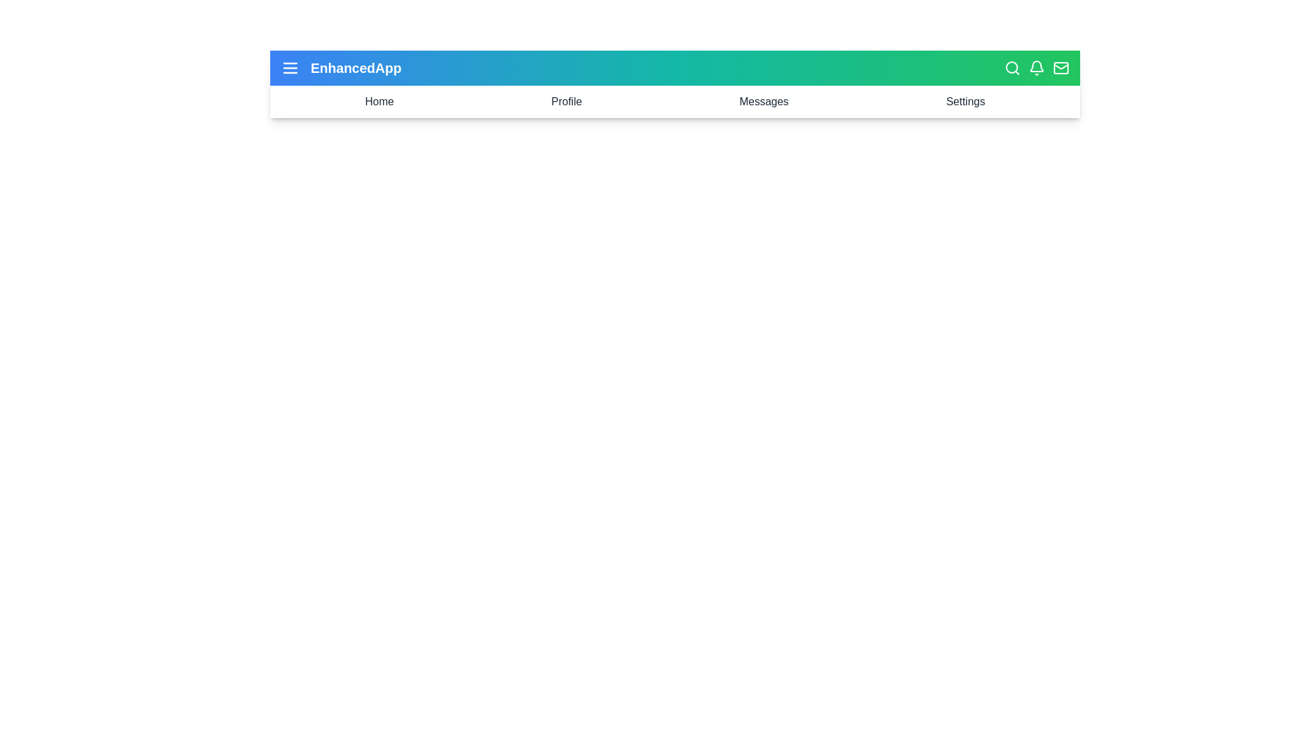 The width and height of the screenshot is (1297, 729). Describe the element at coordinates (378, 101) in the screenshot. I see `the Home menu item to navigate to the Home section` at that location.